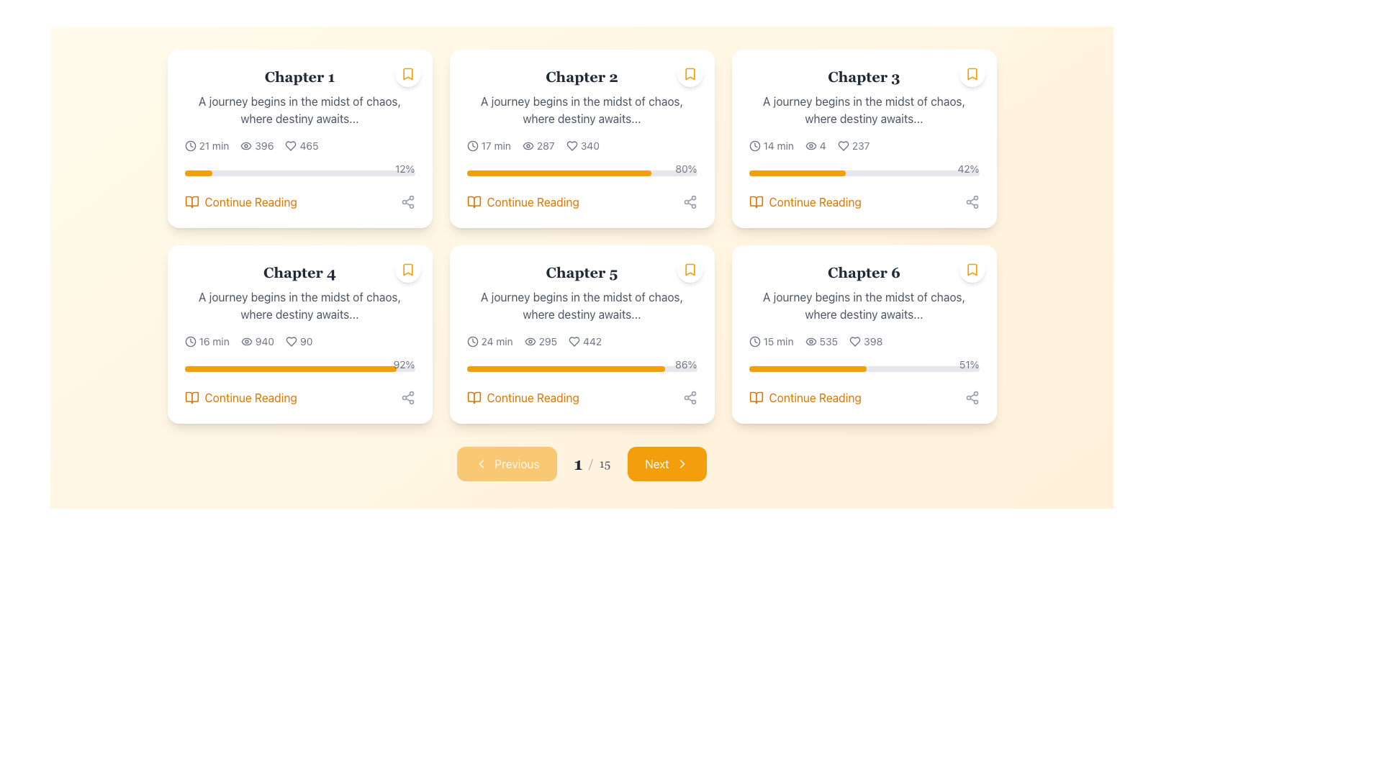 The width and height of the screenshot is (1382, 777). Describe the element at coordinates (854, 146) in the screenshot. I see `the heart icon and text pair indicating the number of likes for 'Chapter 3'` at that location.